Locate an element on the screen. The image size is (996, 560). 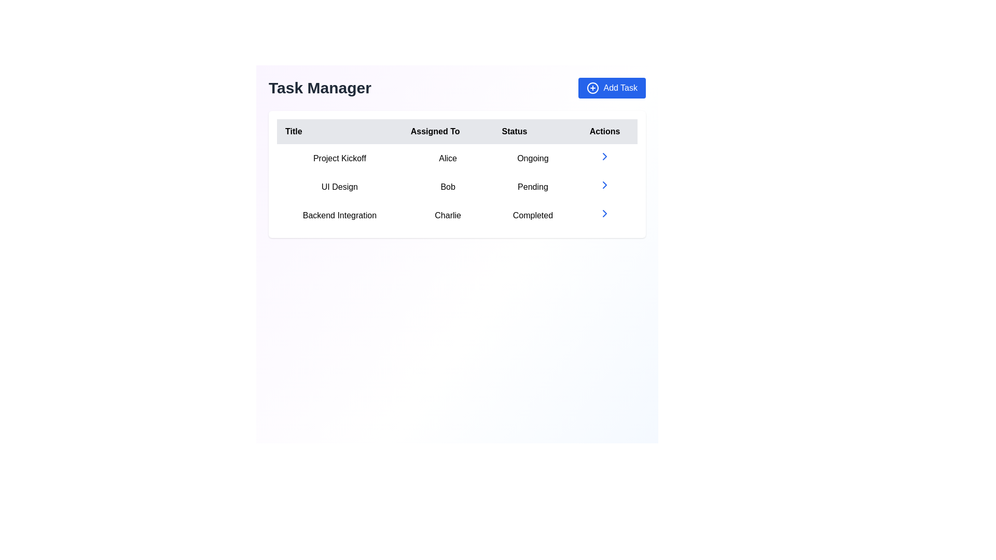
the right-pointing chevron arrow icon in the 'Actions' column of the table in the third row for the 'Backend Integration' task is located at coordinates (605, 213).